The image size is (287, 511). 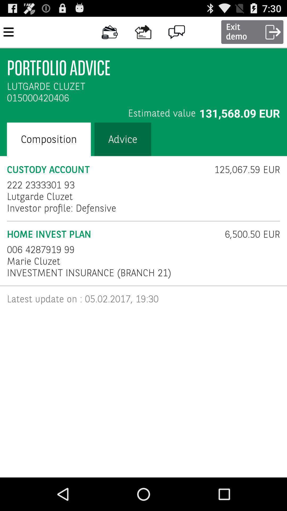 I want to click on icon below home invest plan item, so click(x=40, y=249).